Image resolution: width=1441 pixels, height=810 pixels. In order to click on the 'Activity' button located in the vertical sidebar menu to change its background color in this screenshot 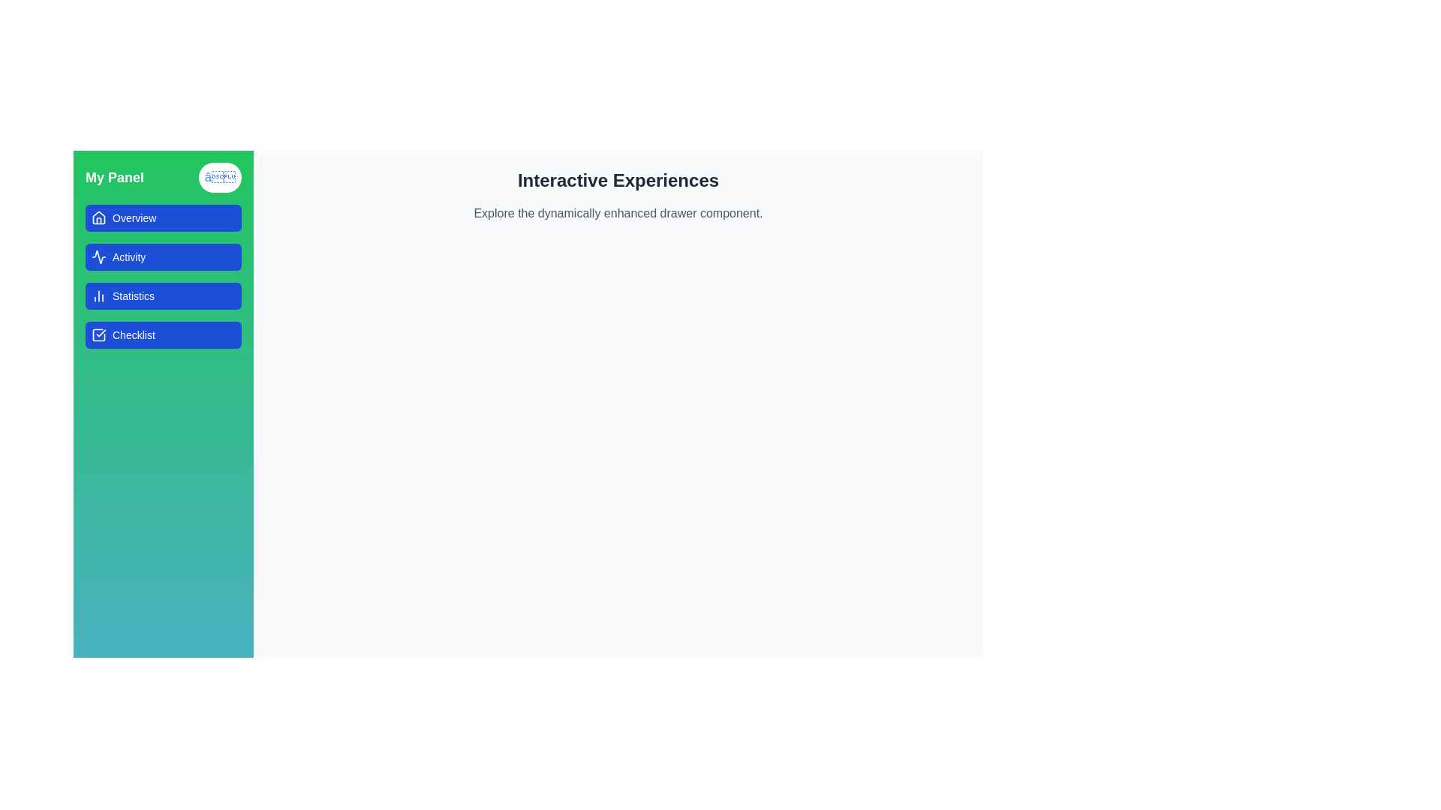, I will do `click(163, 256)`.